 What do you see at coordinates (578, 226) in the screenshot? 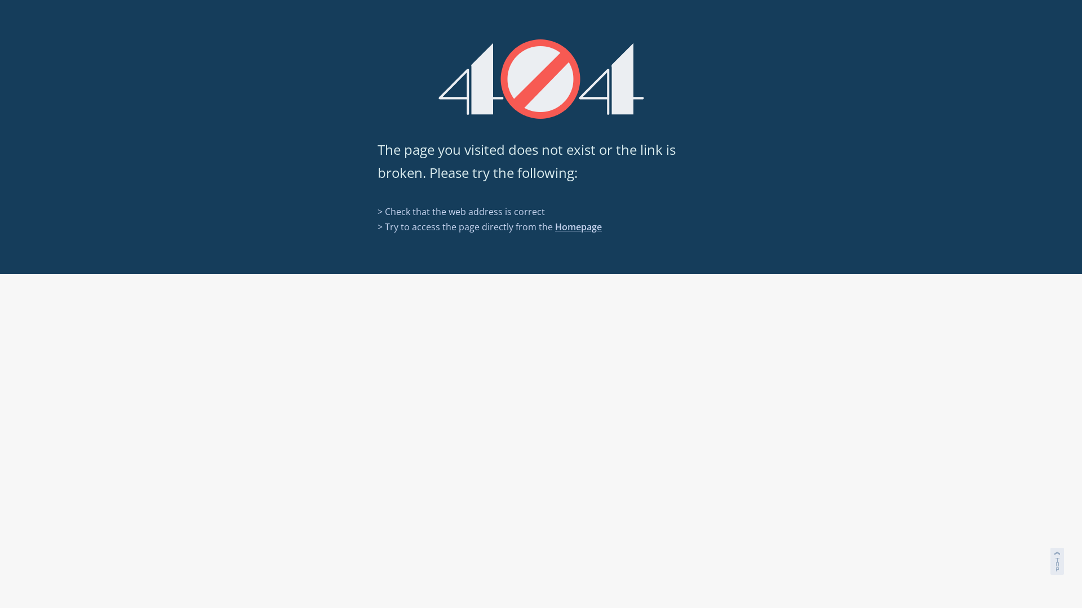
I see `'Homepage'` at bounding box center [578, 226].